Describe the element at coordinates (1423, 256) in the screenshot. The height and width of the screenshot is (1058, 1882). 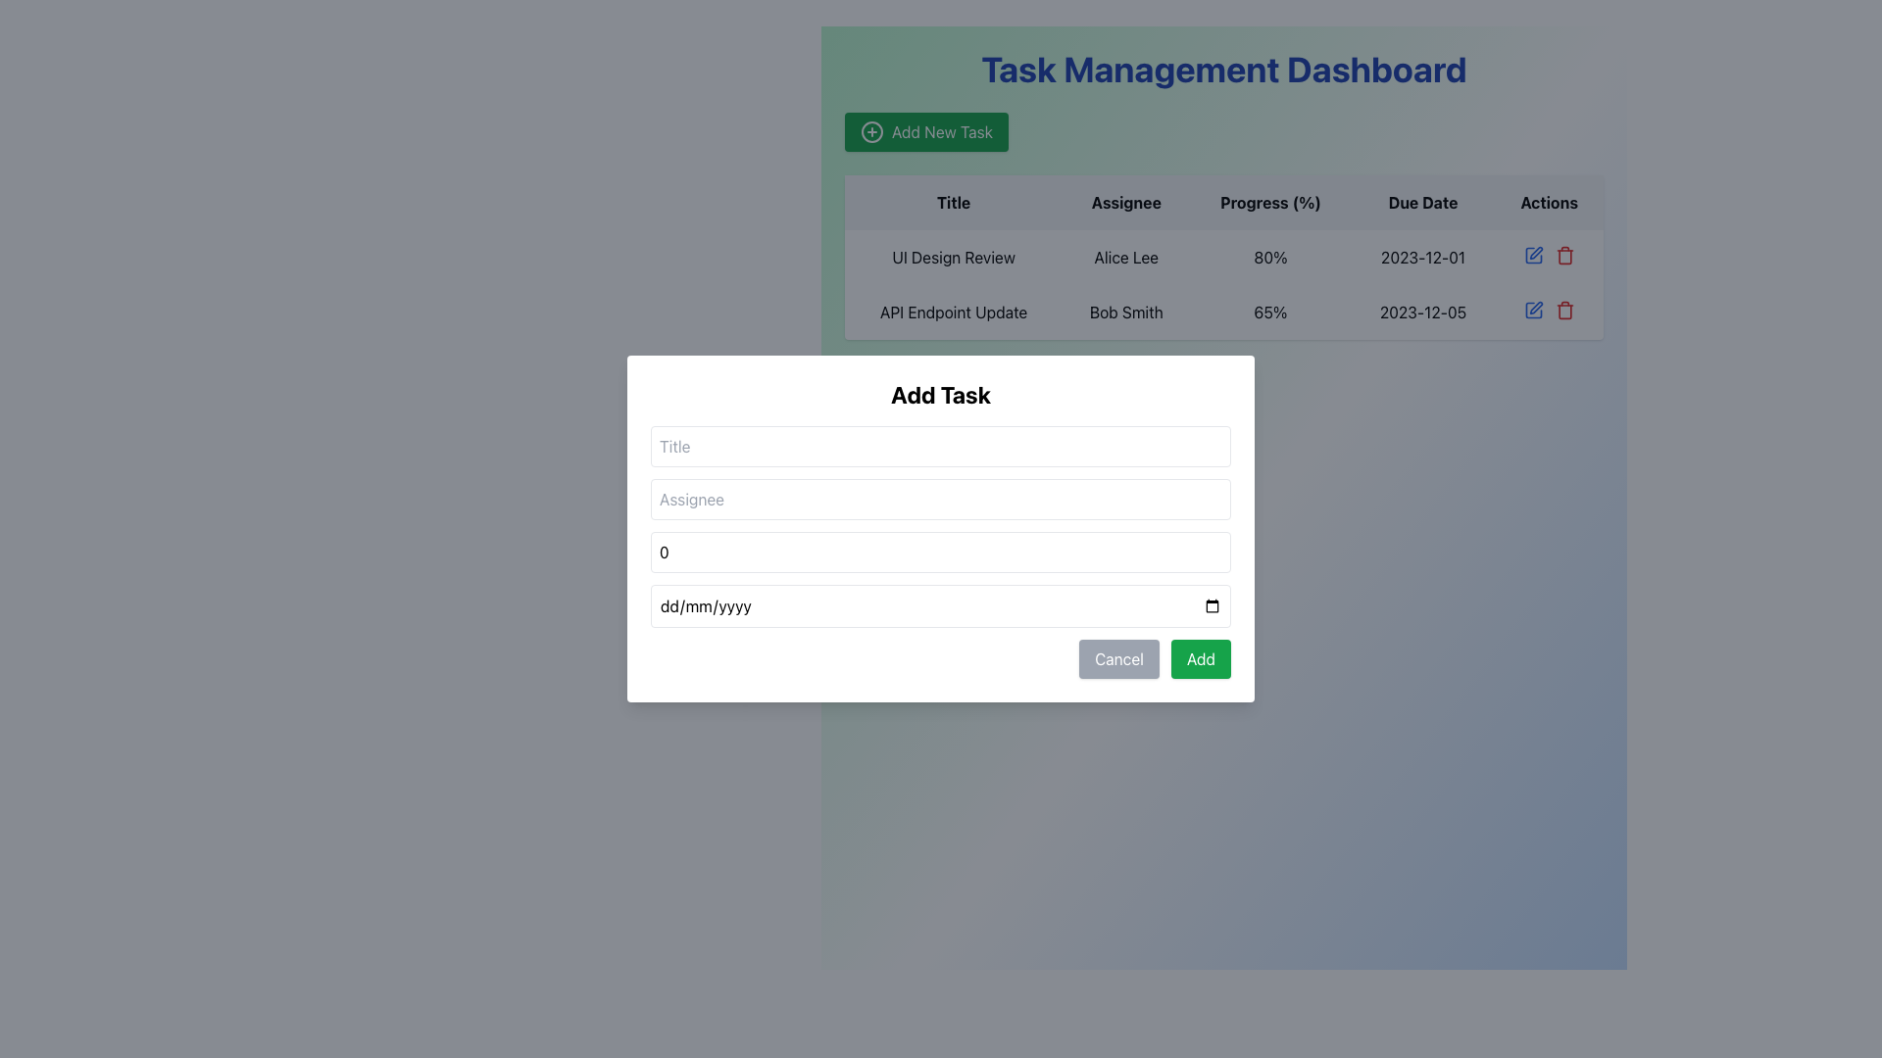
I see `the static text element displaying '2023-12-01' in the 'Due Date' column of the task 'UI Design Review' in the Task Management Dashboard` at that location.